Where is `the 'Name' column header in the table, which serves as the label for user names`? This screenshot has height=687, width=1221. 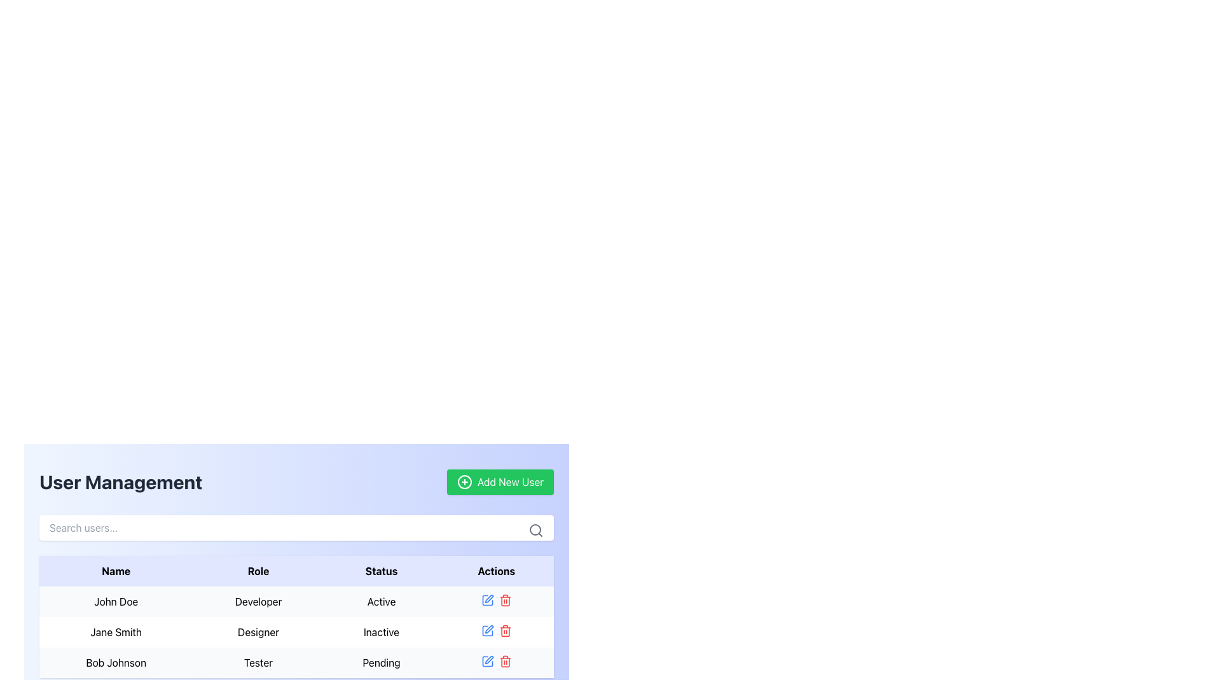 the 'Name' column header in the table, which serves as the label for user names is located at coordinates (116, 571).